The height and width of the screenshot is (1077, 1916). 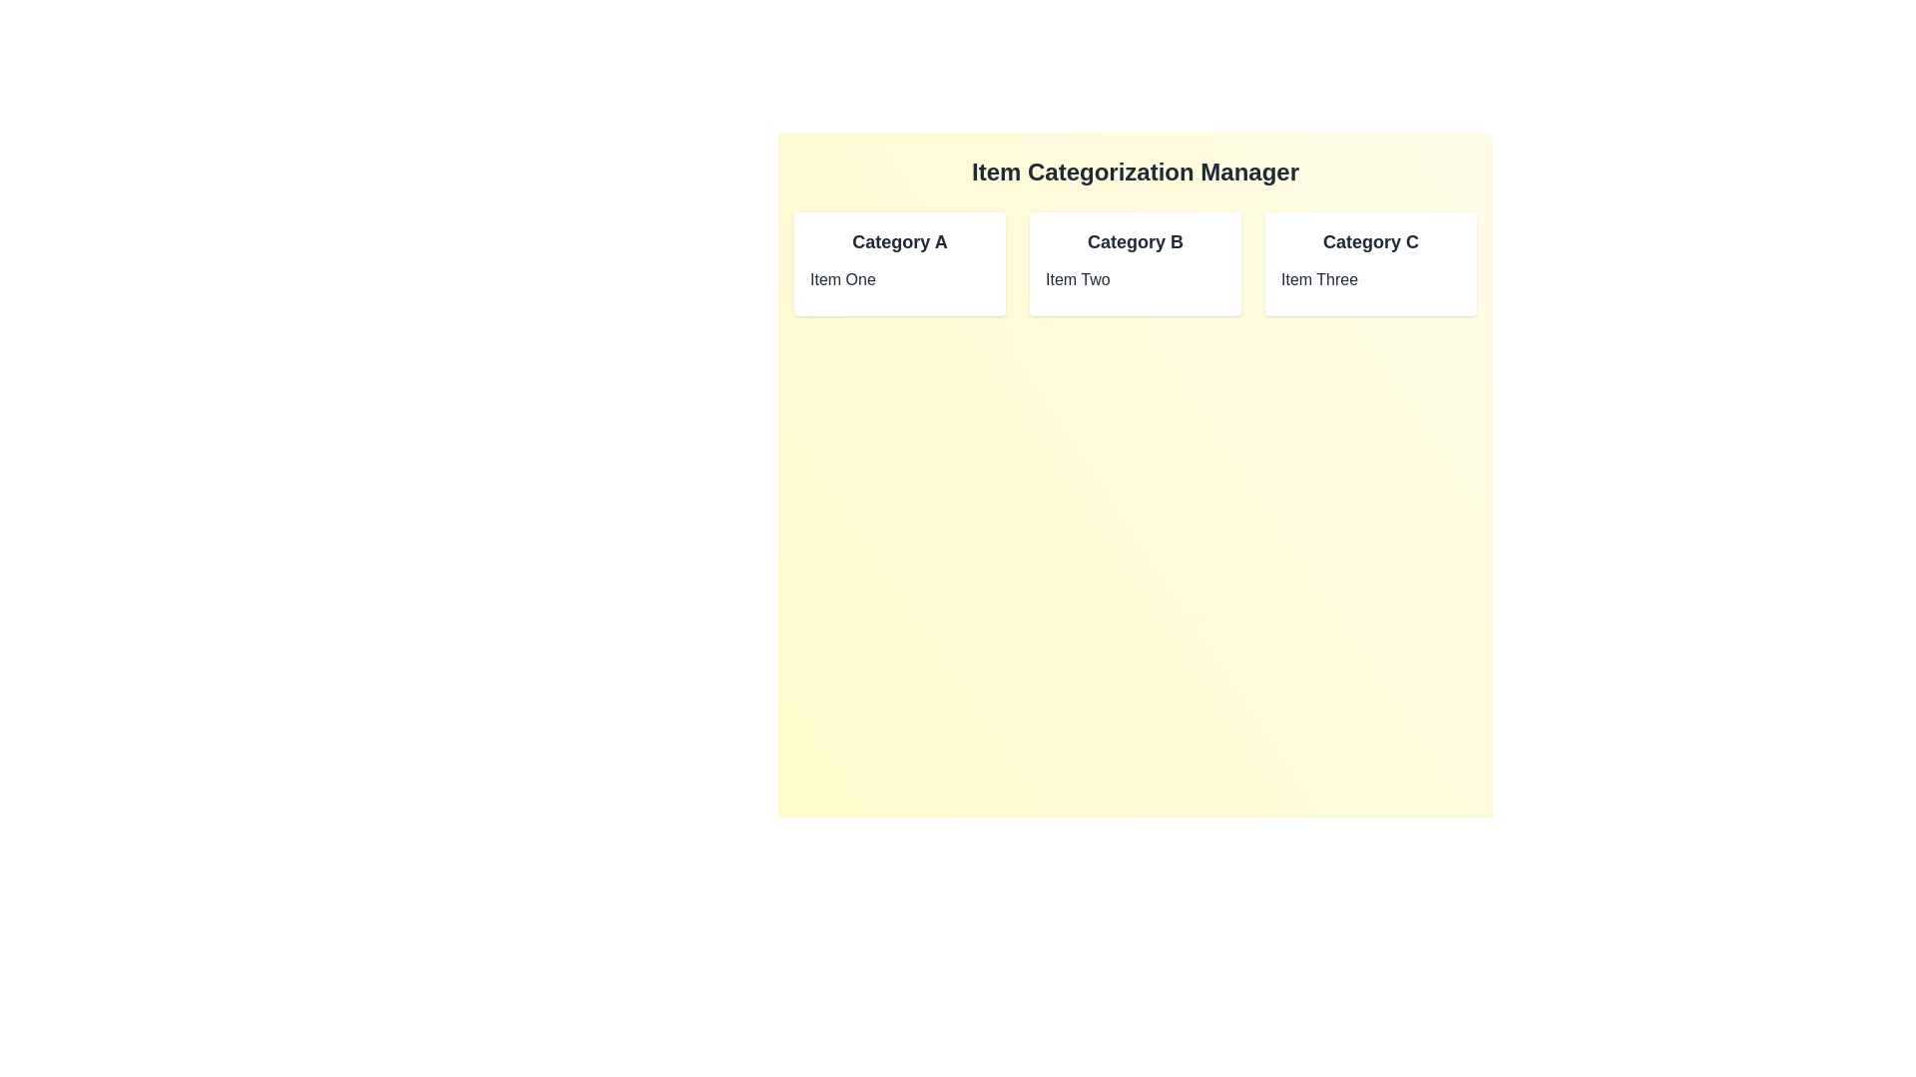 I want to click on the item named Item One to select it, so click(x=899, y=280).